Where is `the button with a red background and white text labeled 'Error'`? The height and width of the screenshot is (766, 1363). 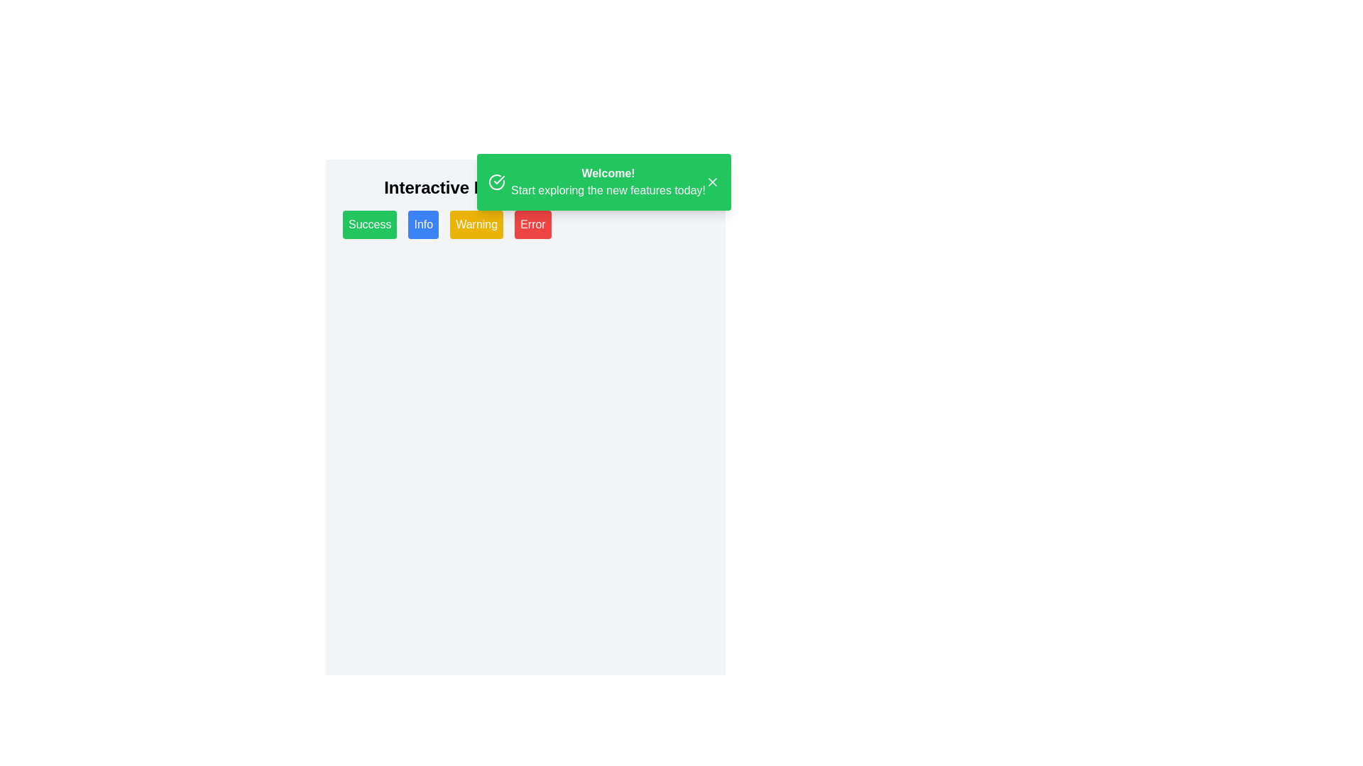 the button with a red background and white text labeled 'Error' is located at coordinates (532, 223).